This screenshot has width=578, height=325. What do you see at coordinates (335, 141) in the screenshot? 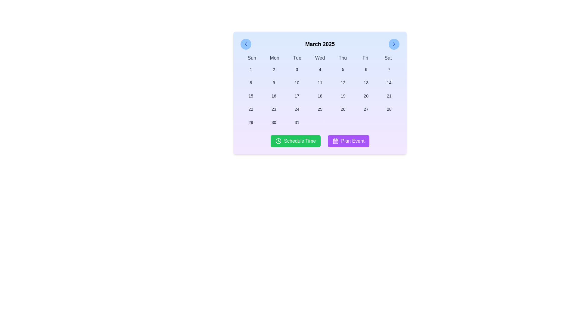
I see `the 'Plan Event' button located at the bottom right of the calendar interface, which features a calendar icon with a purple background and a rectangular outline` at bounding box center [335, 141].